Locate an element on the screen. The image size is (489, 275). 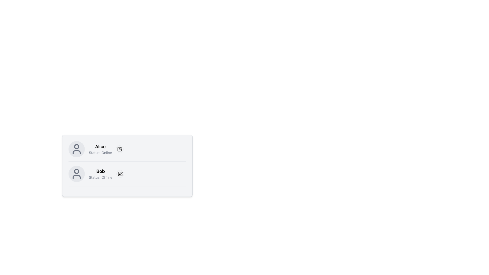
the small, square-like button with rounded edges and a pen icon, located to the right of the label displaying 'Bob' and 'Status: Offline' is located at coordinates (120, 173).